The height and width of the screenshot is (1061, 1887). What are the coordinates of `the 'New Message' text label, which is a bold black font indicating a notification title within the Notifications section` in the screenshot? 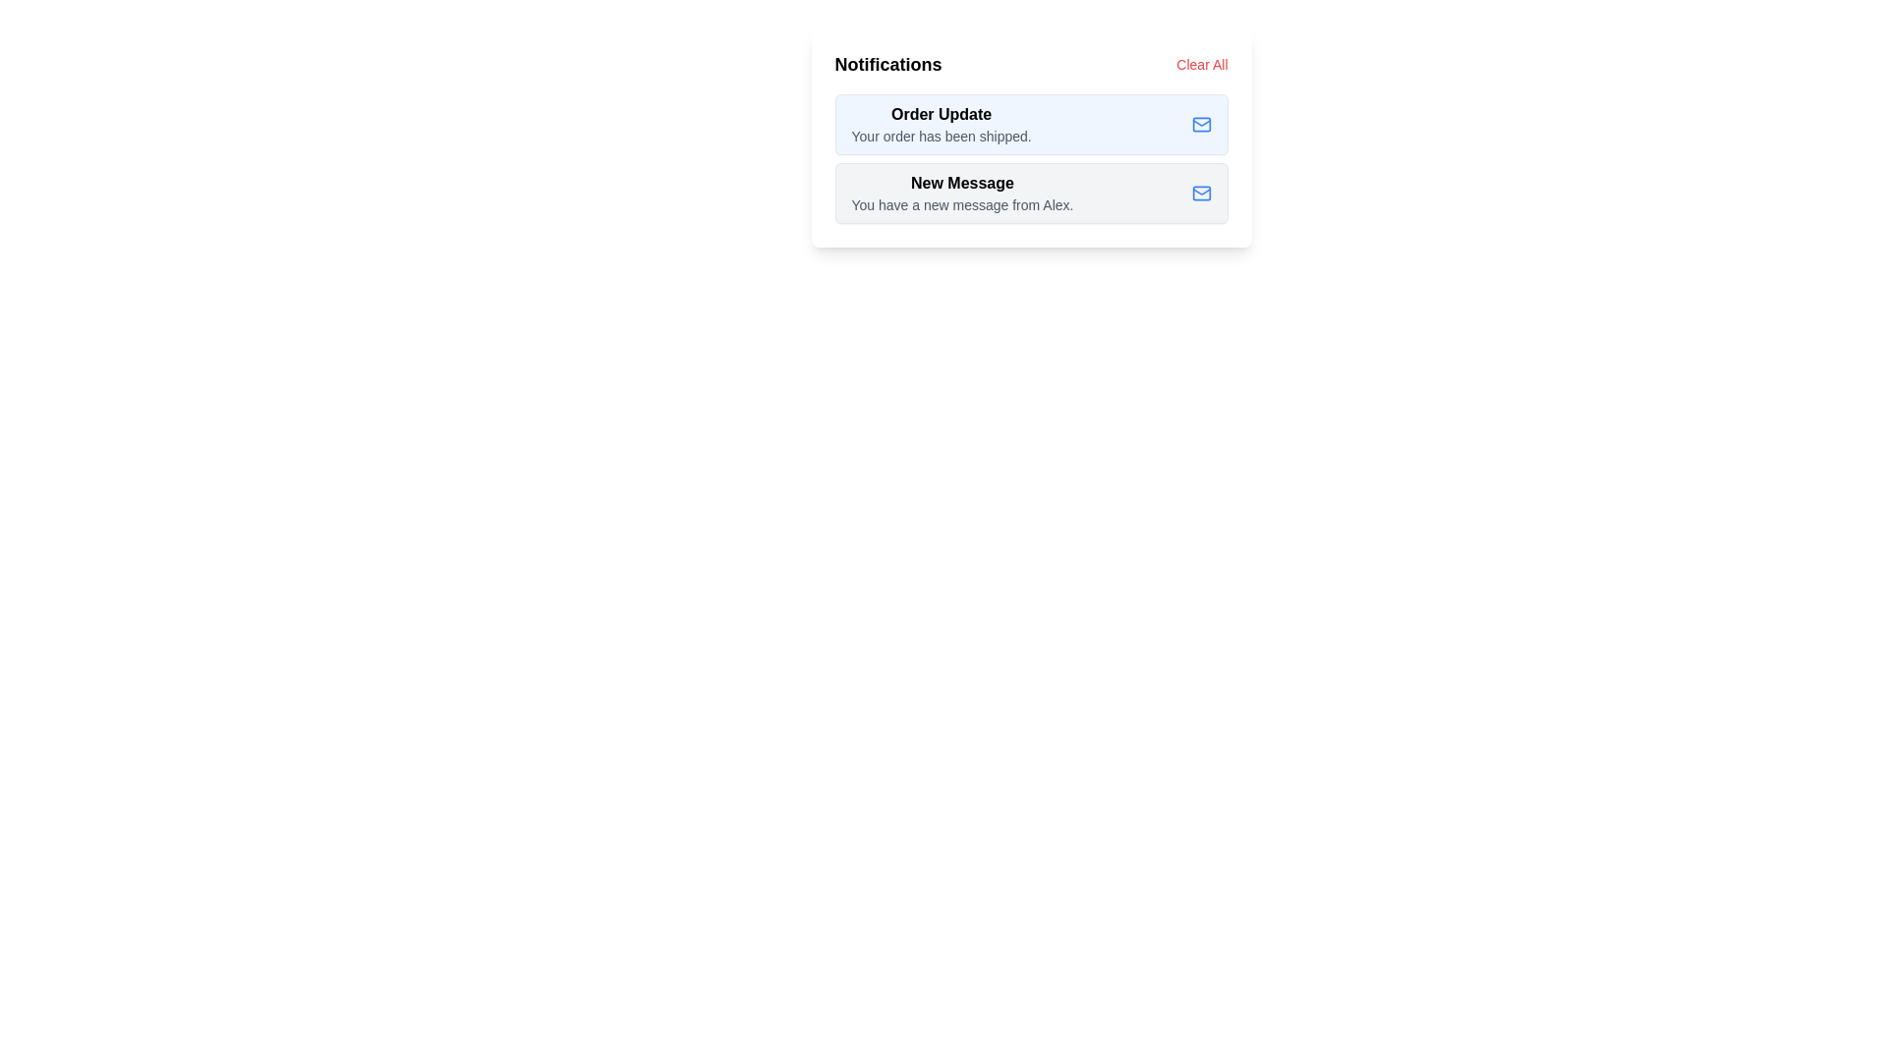 It's located at (962, 183).